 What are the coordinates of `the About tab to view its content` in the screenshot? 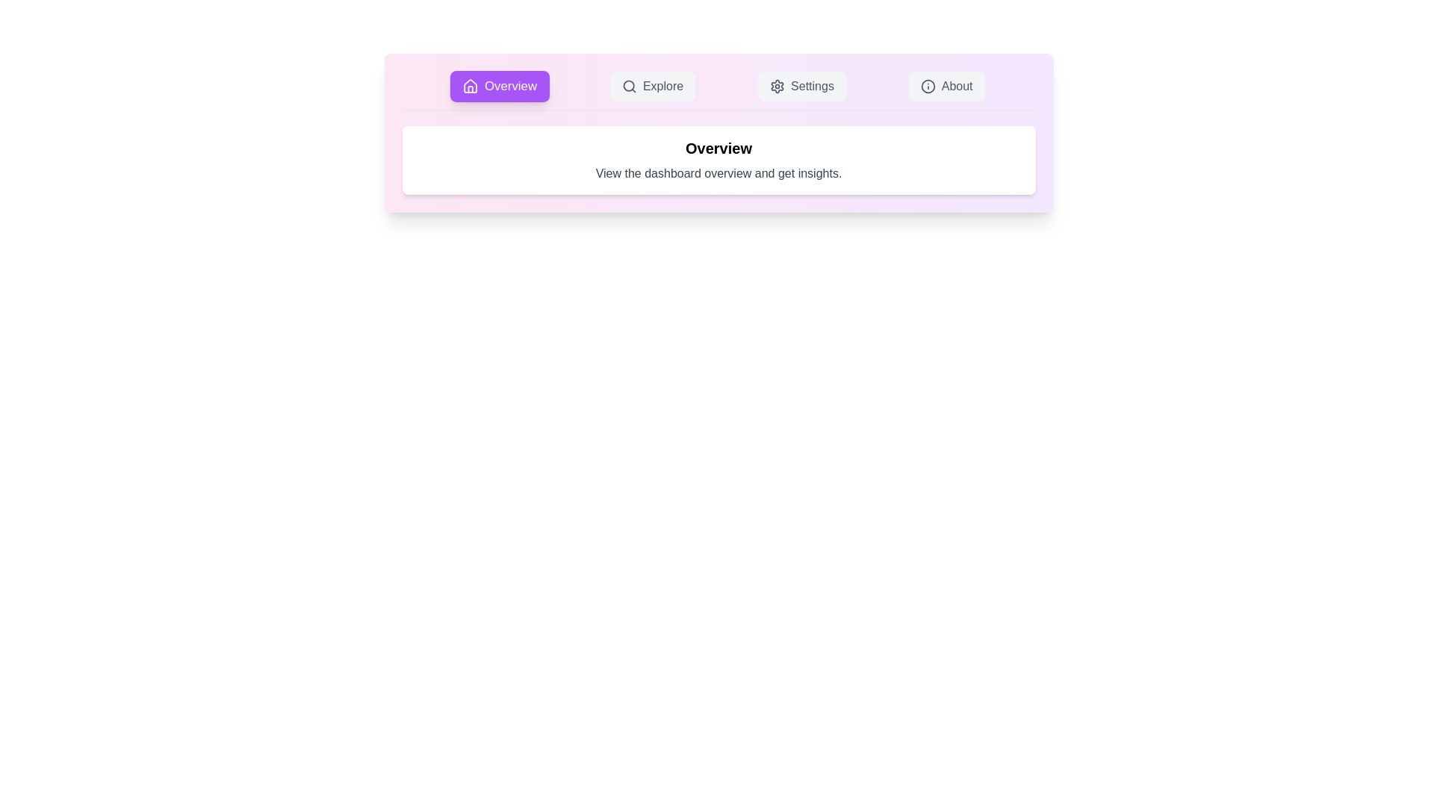 It's located at (946, 86).